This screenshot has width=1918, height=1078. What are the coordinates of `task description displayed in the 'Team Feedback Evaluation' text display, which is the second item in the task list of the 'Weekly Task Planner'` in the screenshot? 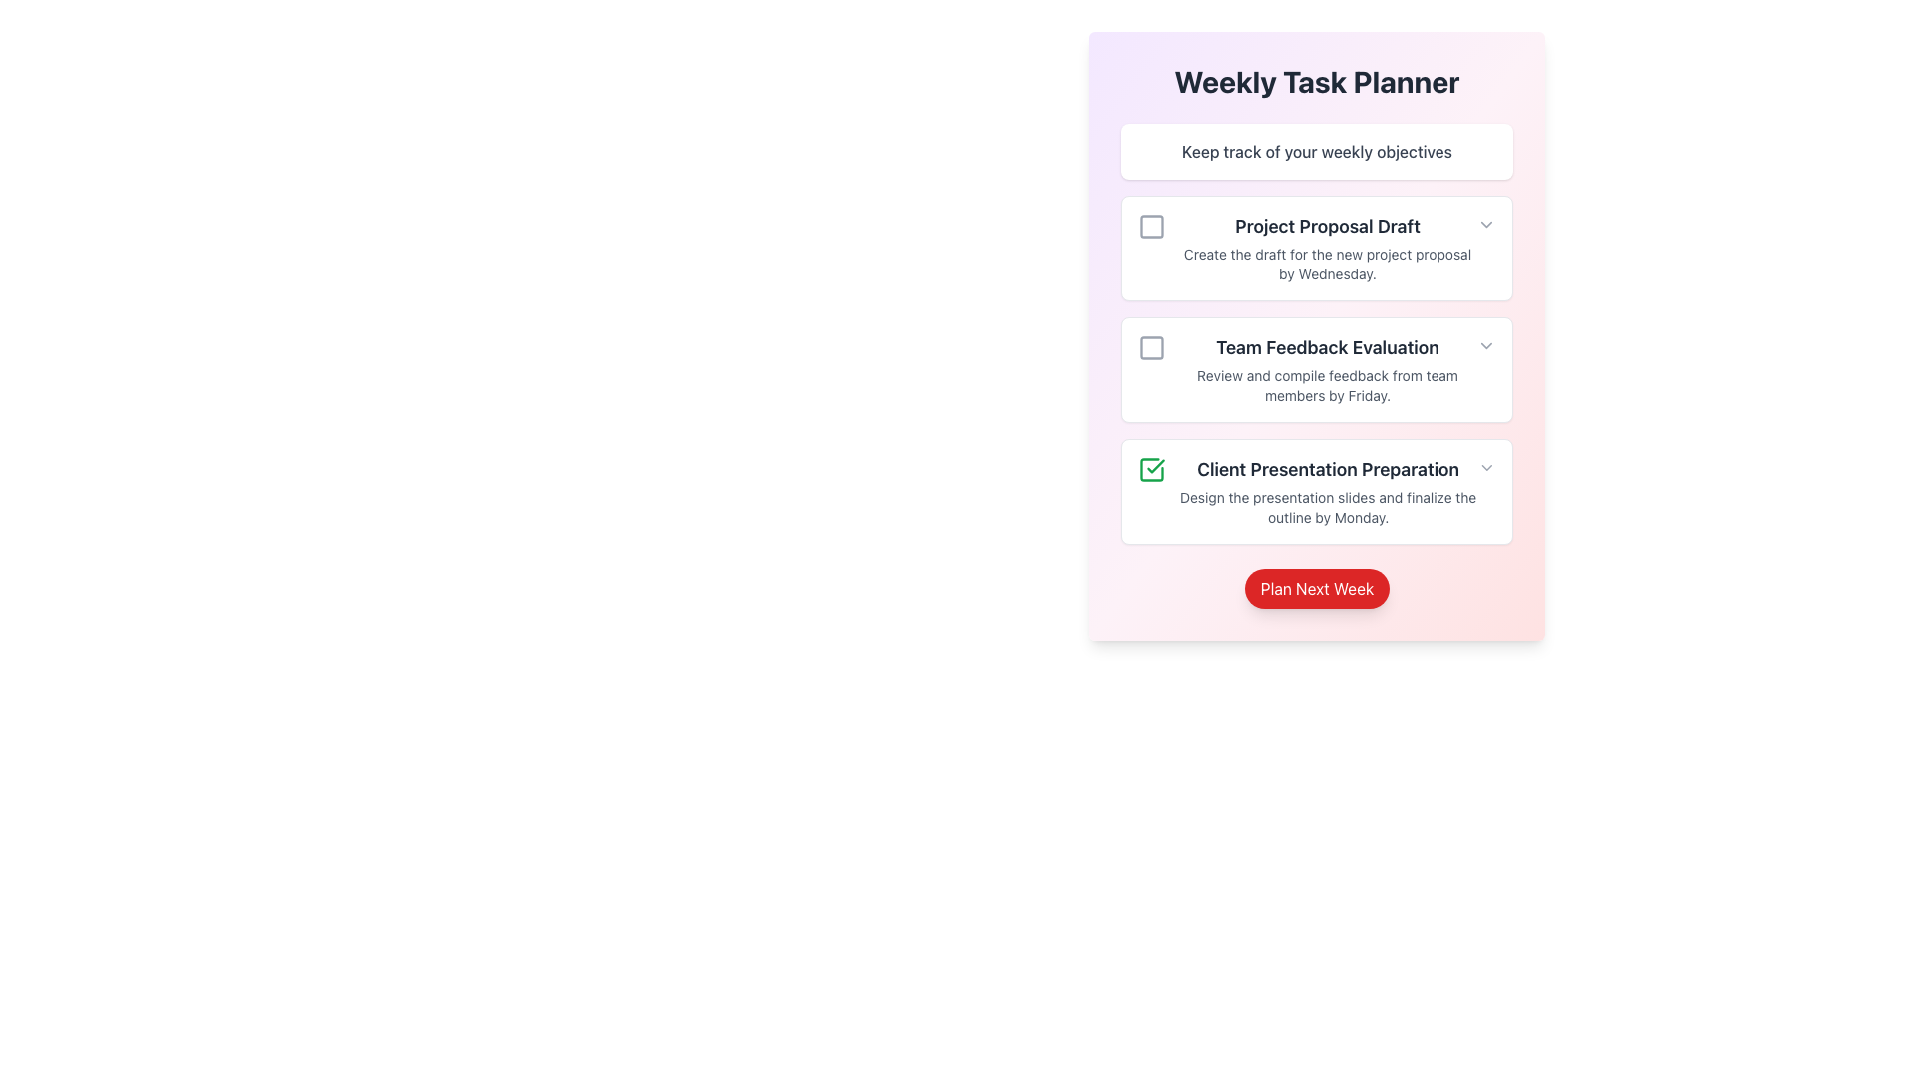 It's located at (1328, 369).